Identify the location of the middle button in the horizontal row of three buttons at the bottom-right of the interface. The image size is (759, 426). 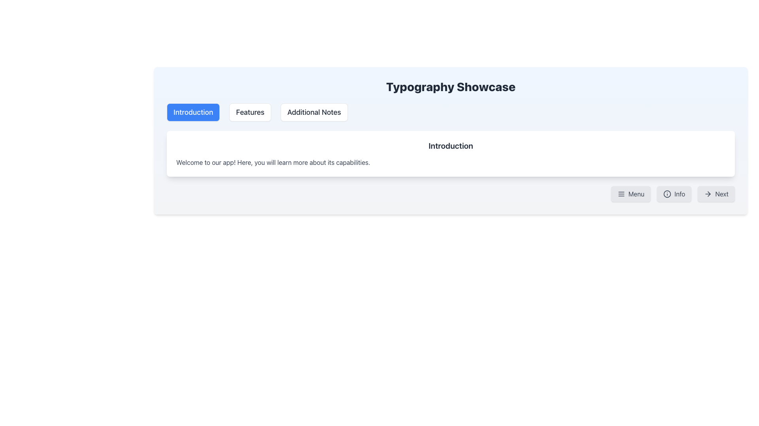
(674, 194).